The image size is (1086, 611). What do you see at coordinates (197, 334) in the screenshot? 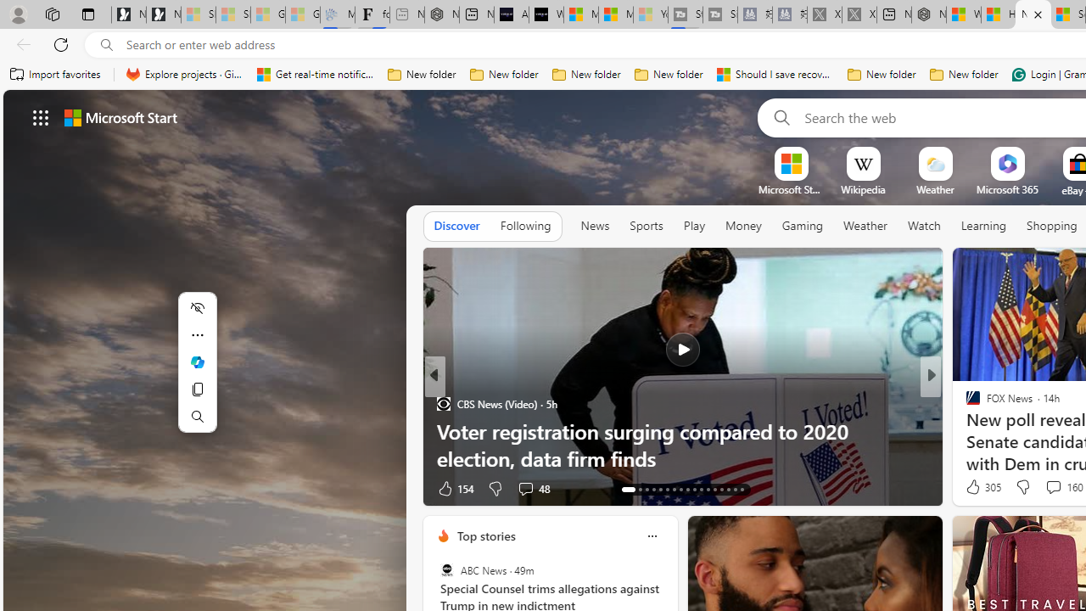
I see `'More actions'` at bounding box center [197, 334].